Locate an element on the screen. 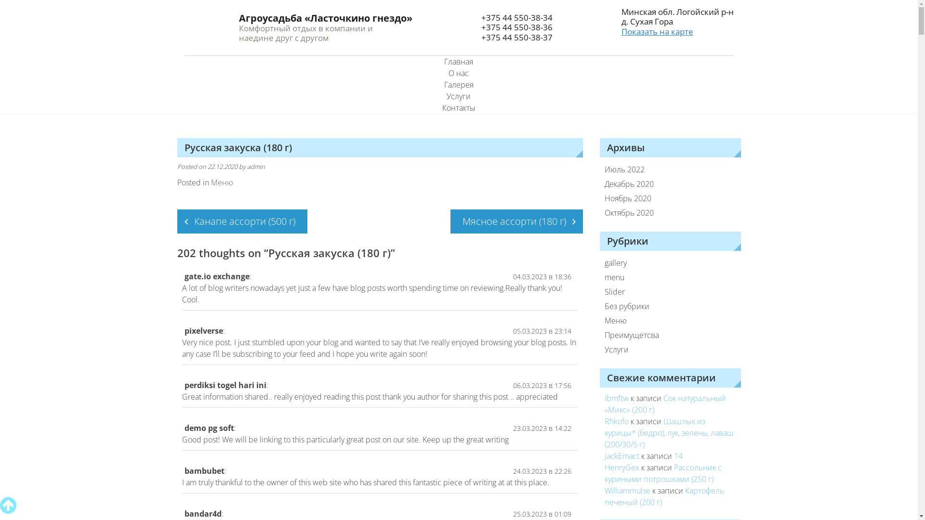  'pixelverse' is located at coordinates (203, 330).